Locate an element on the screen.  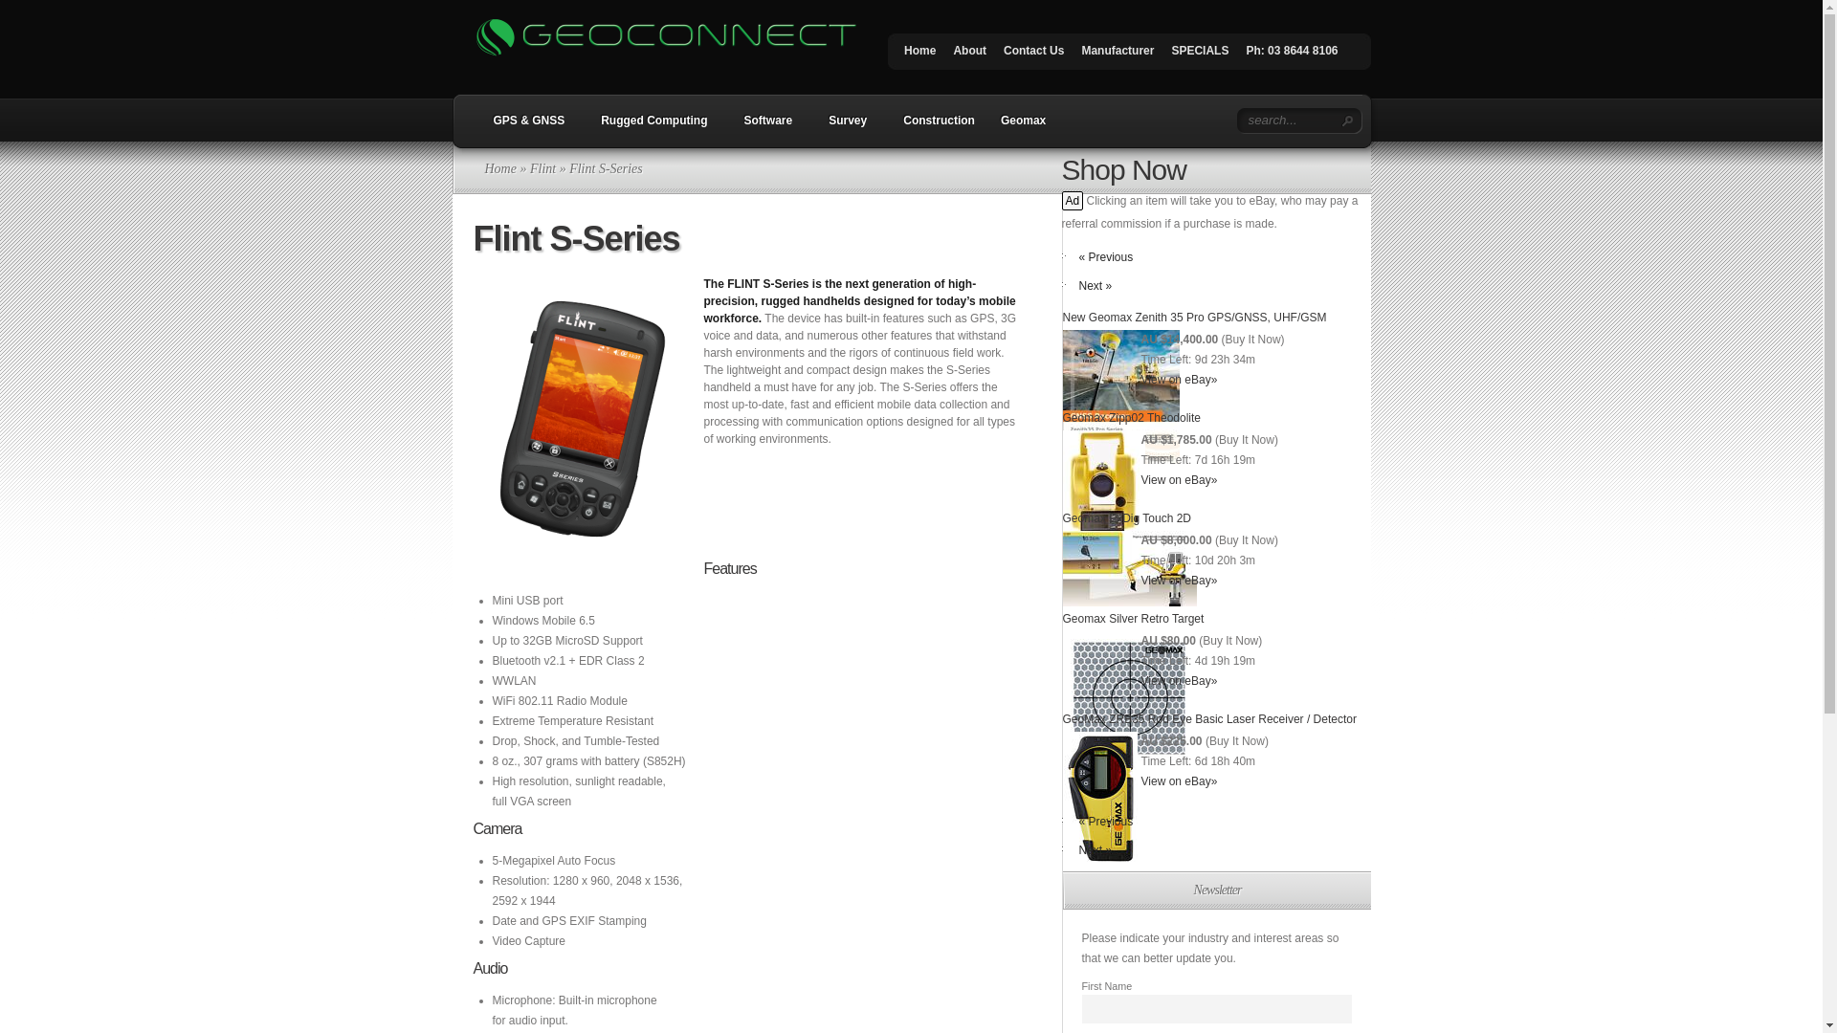
'Rugged Computing' is located at coordinates (649, 126).